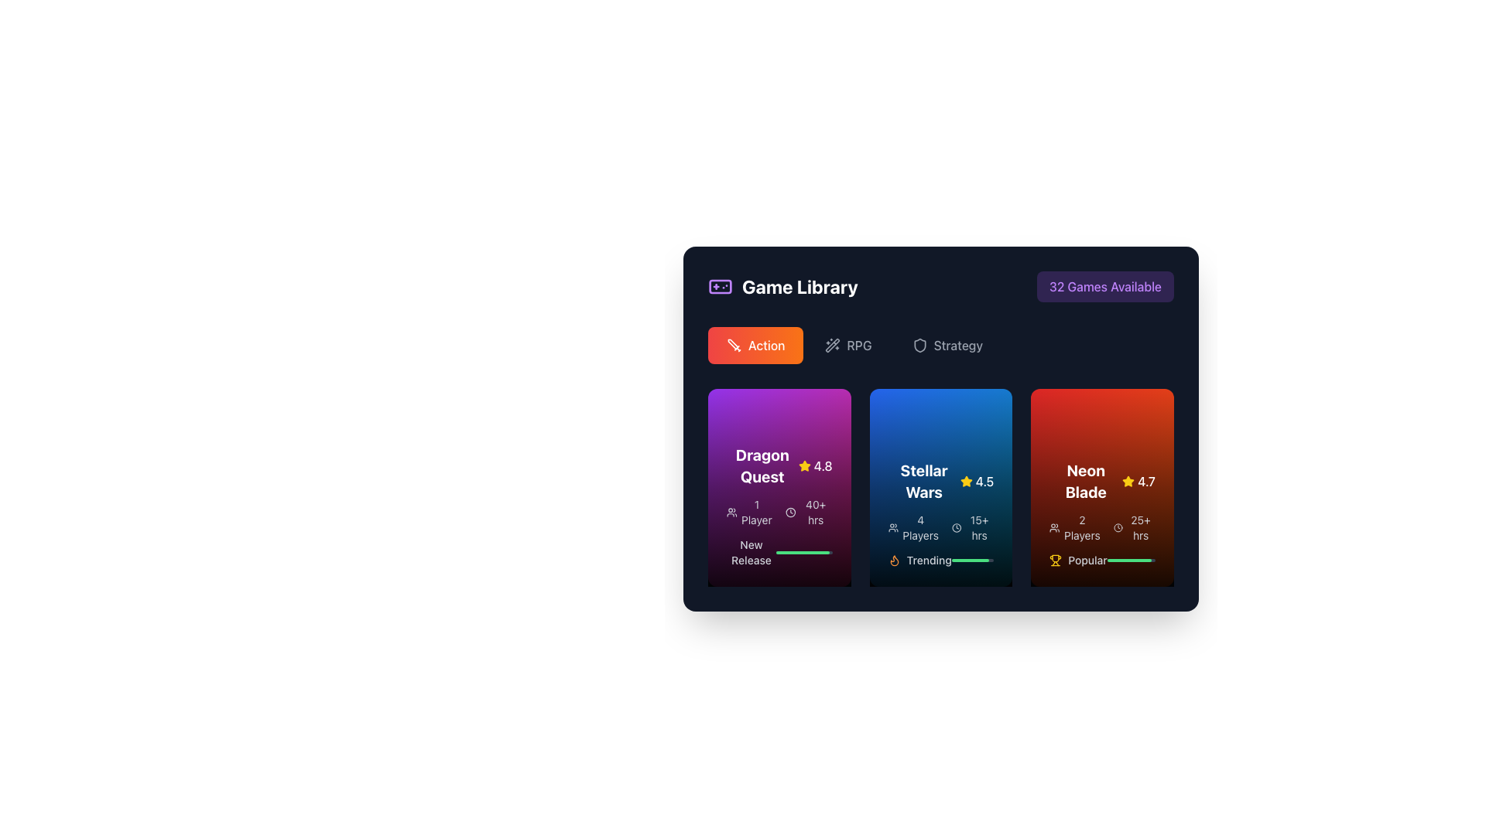  Describe the element at coordinates (893, 527) in the screenshot. I see `the small icon depicting a group of people next to the text '4 Players' in the central panel of the 'Stellar Wars' game interface` at that location.